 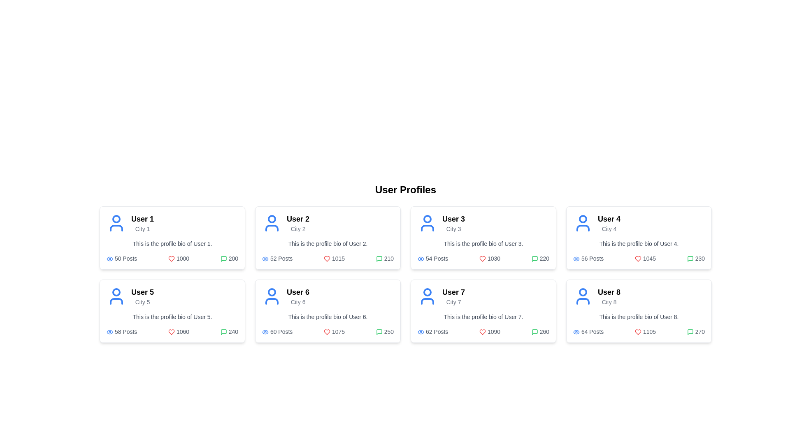 What do you see at coordinates (582, 296) in the screenshot?
I see `the user profile icon associated with 'User 8' in the bottom-right corner of the grid layout` at bounding box center [582, 296].